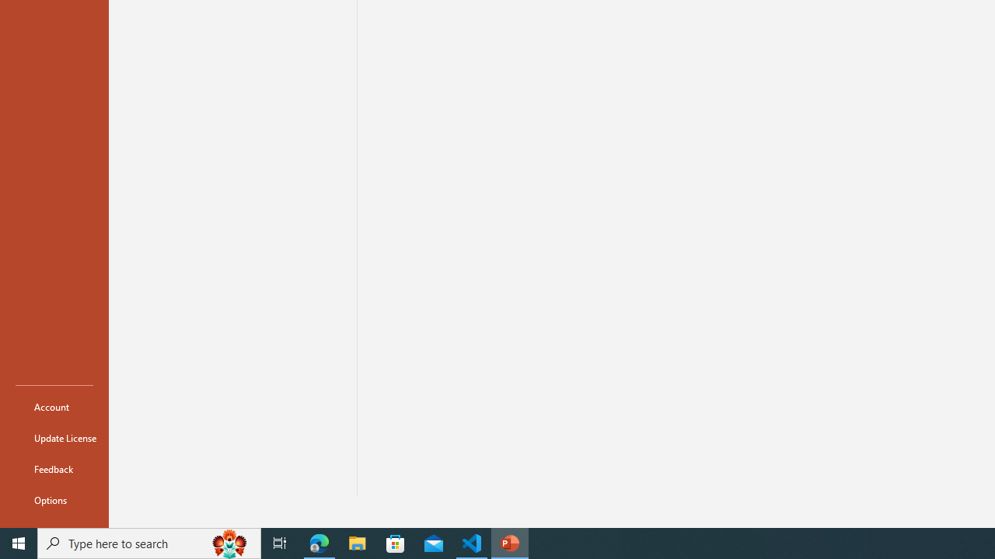 This screenshot has height=559, width=995. Describe the element at coordinates (54, 500) in the screenshot. I see `'Options'` at that location.